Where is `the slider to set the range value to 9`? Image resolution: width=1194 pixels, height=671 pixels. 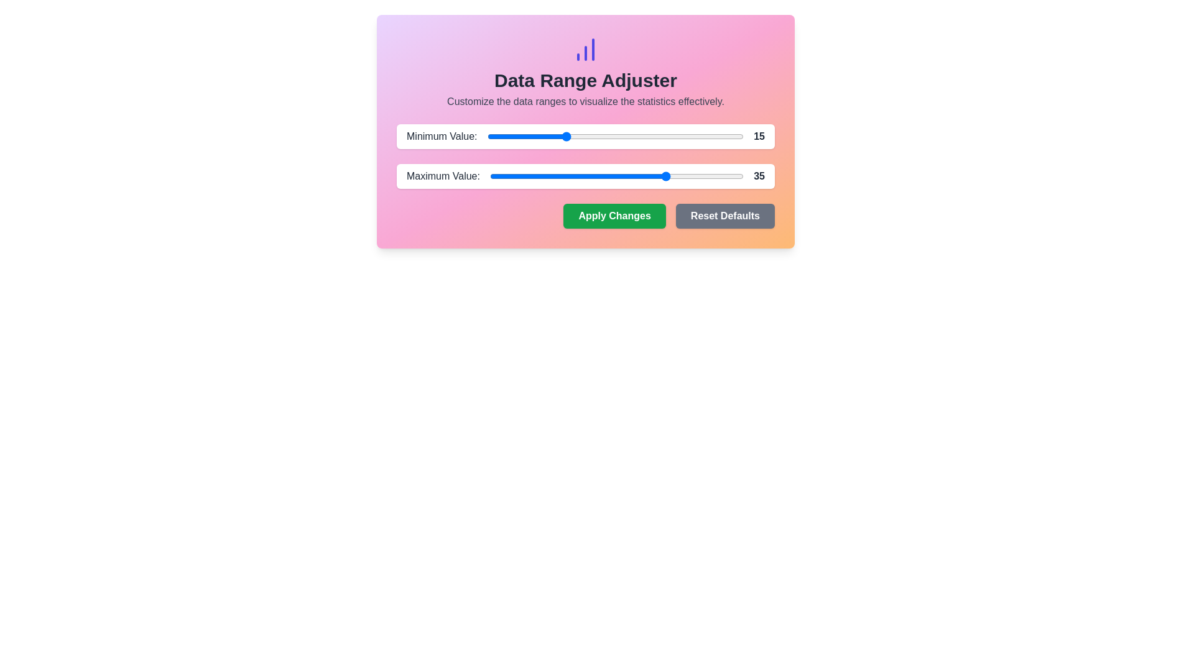
the slider to set the range value to 9 is located at coordinates (533, 136).